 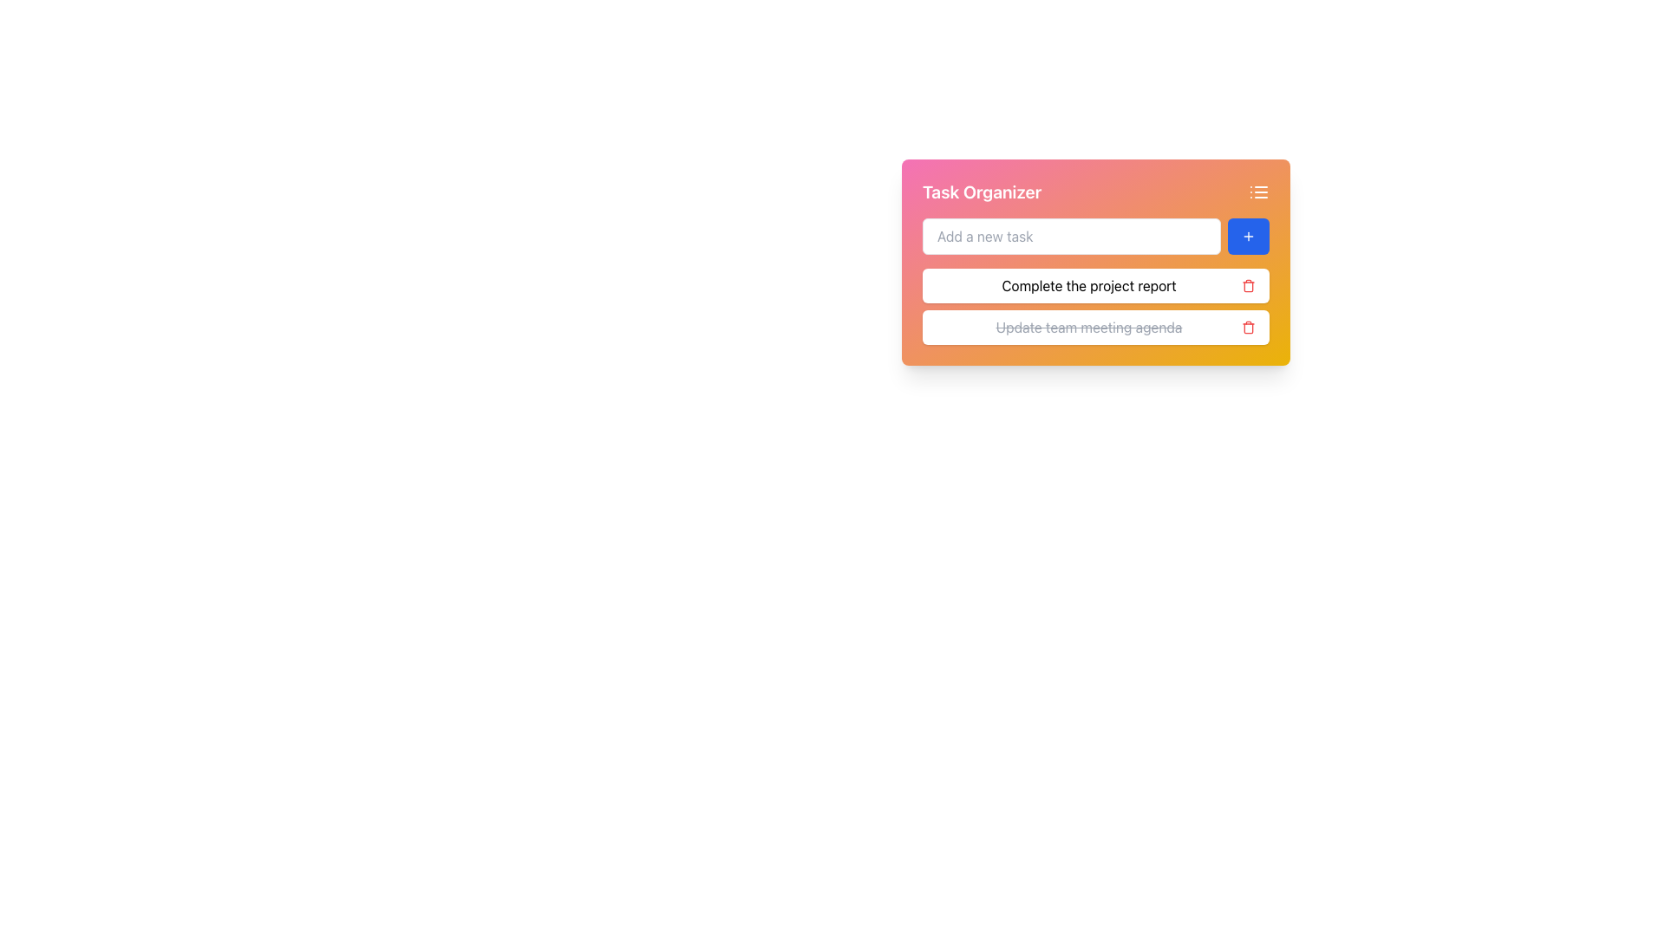 What do you see at coordinates (1258, 192) in the screenshot?
I see `the small icon resembling a simplified list layout located at the top-right corner of the 'Task Organizer' section` at bounding box center [1258, 192].